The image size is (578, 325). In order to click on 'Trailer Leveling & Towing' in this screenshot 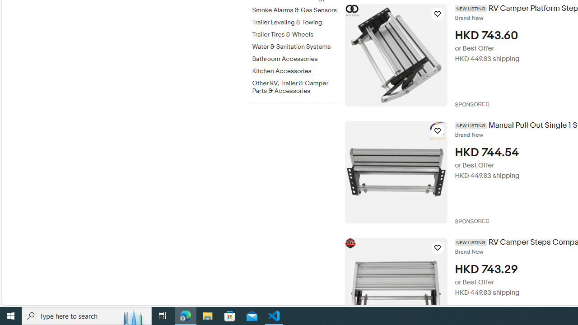, I will do `click(295, 22)`.